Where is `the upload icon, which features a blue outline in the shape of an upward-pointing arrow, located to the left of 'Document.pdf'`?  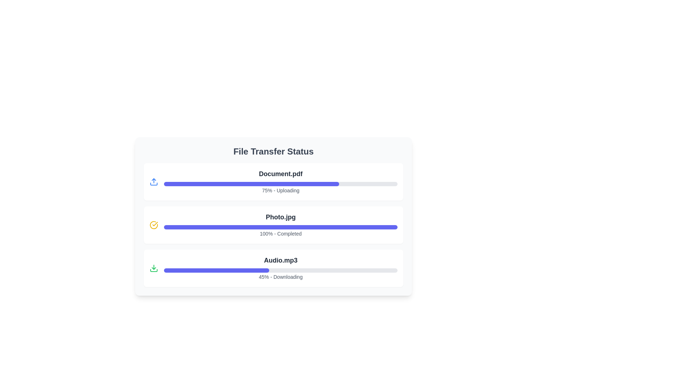
the upload icon, which features a blue outline in the shape of an upward-pointing arrow, located to the left of 'Document.pdf' is located at coordinates (154, 182).